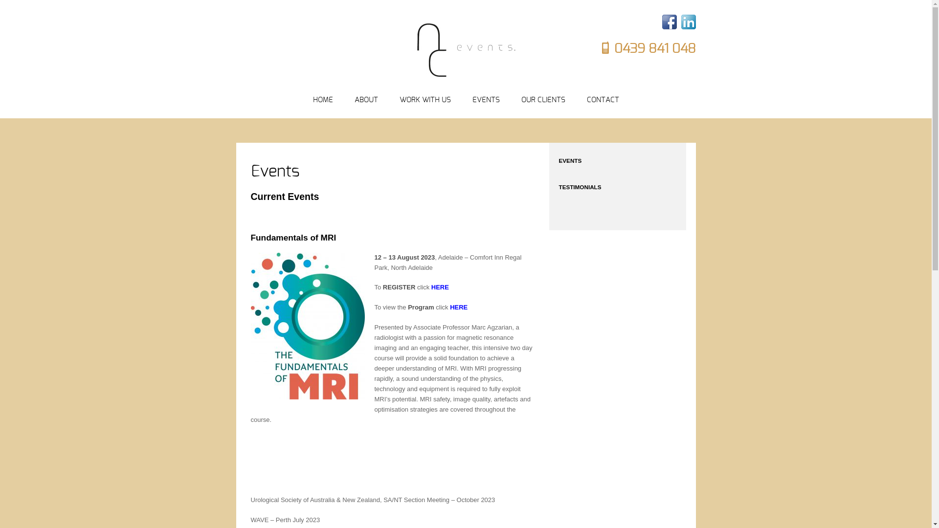 This screenshot has height=528, width=939. What do you see at coordinates (458, 307) in the screenshot?
I see `'HERE'` at bounding box center [458, 307].